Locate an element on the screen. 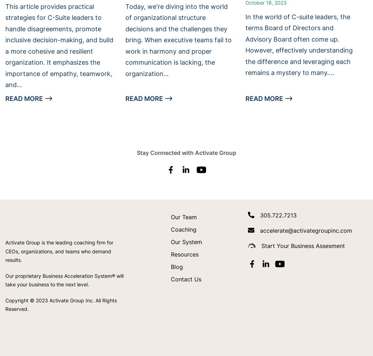 This screenshot has height=356, width=373. 'Contact Us' is located at coordinates (185, 278).